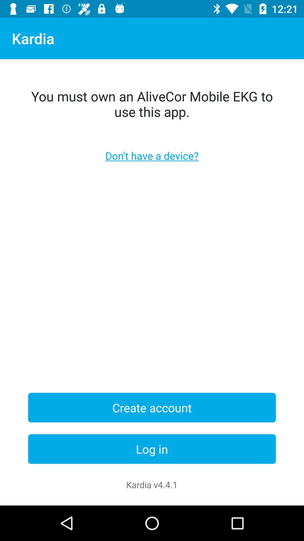  Describe the element at coordinates (152, 407) in the screenshot. I see `item above log in icon` at that location.